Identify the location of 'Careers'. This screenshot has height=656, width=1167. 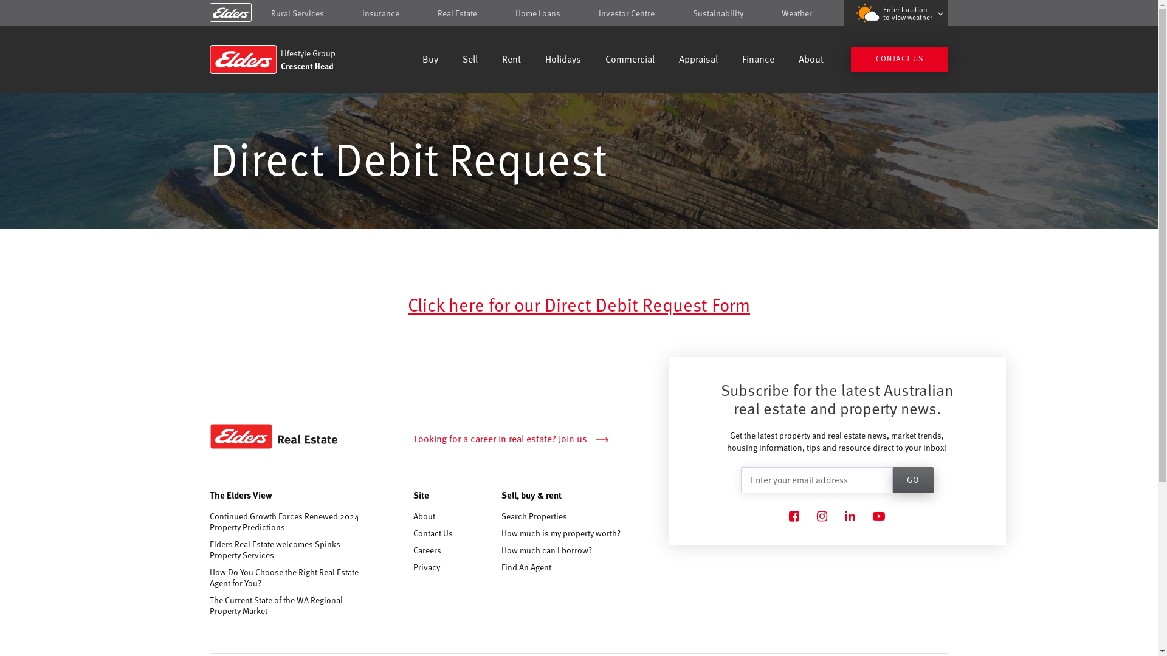
(413, 550).